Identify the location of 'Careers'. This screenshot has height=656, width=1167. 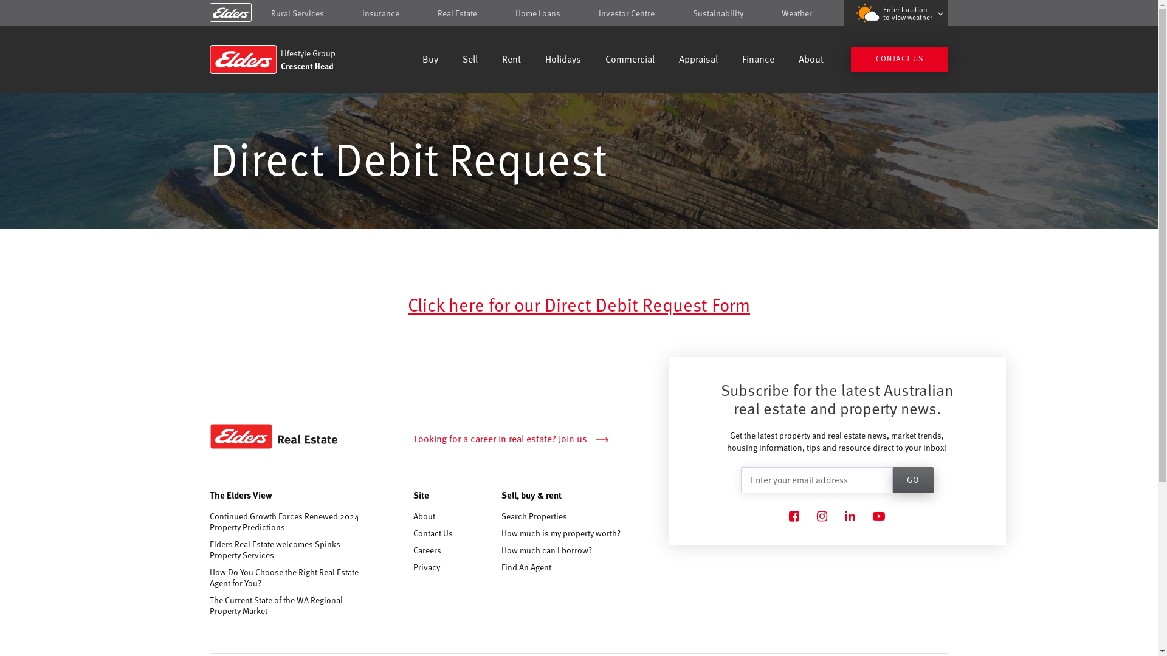
(413, 550).